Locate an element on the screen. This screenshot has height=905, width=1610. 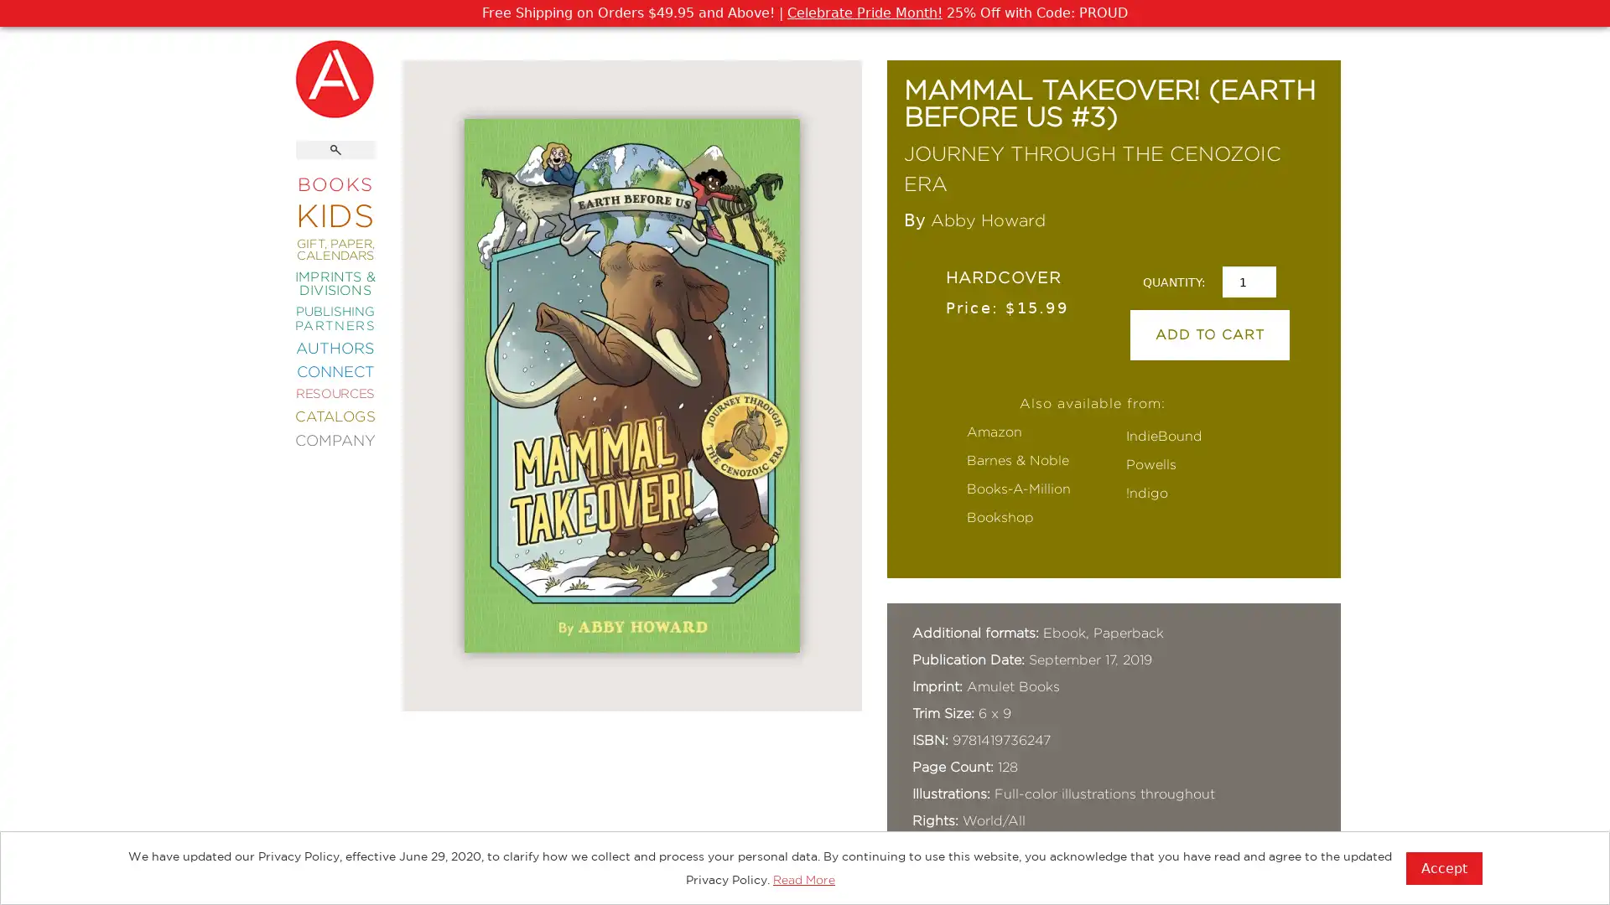
BOOKS is located at coordinates (335, 184).